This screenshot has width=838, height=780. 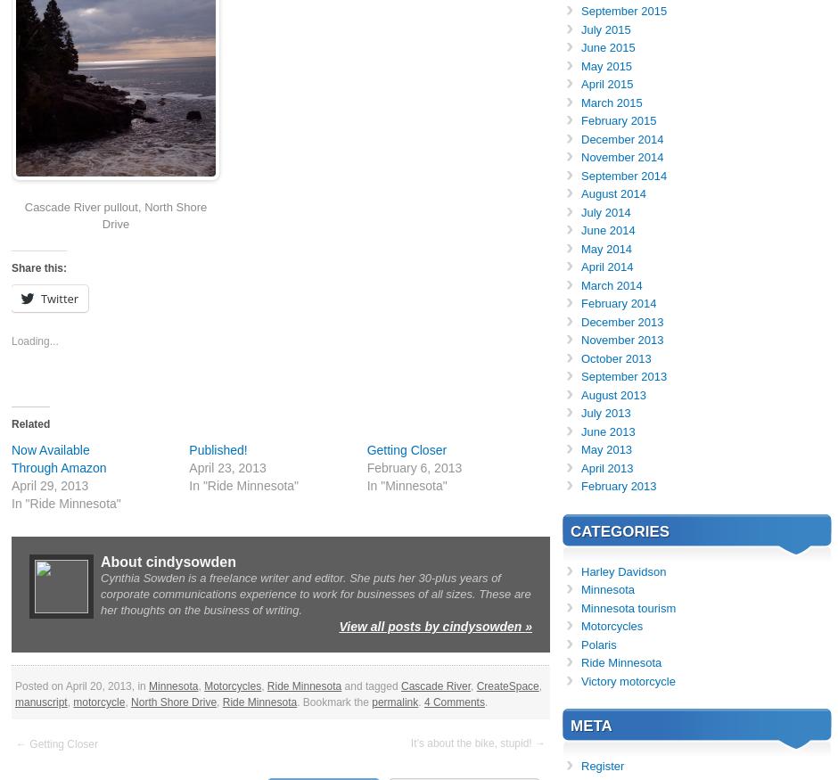 I want to click on 'Minnesota tourism', so click(x=628, y=606).